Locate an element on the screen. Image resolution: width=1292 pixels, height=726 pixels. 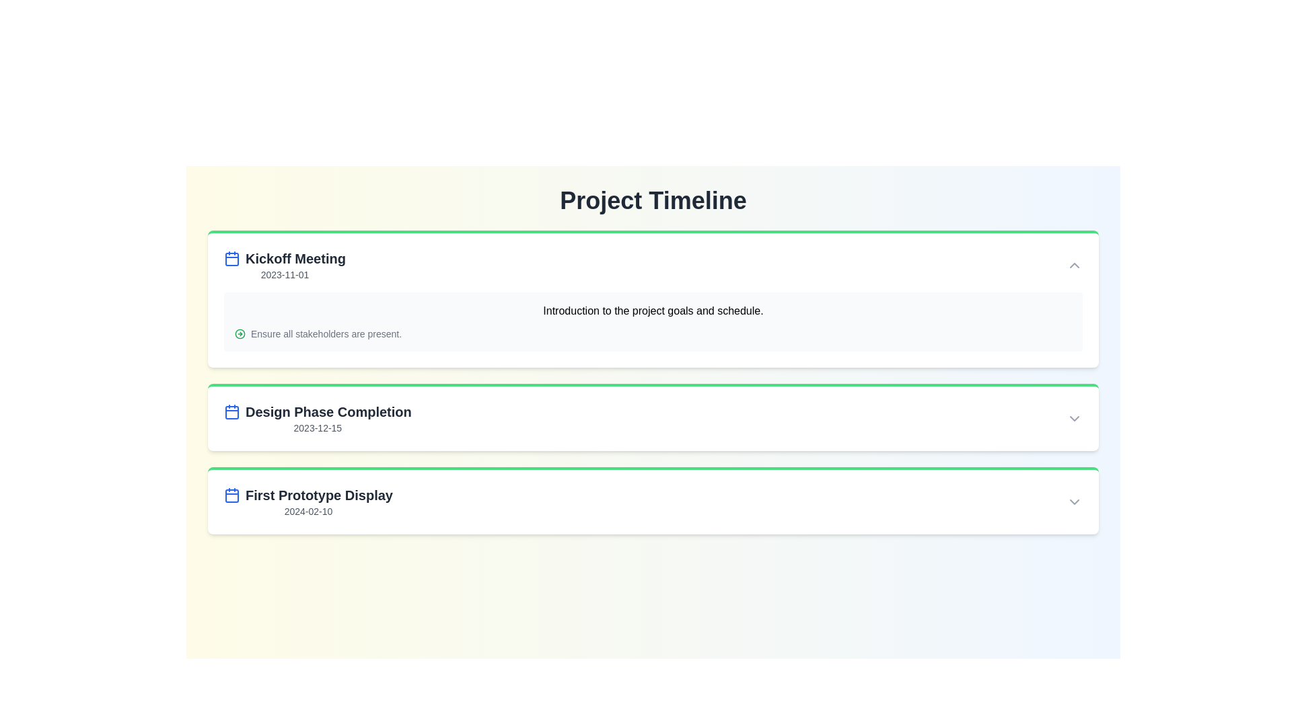
the header element displaying 'First Prototype Display' with an associated blue calendar icon, located in the third section of the timeline entries is located at coordinates (308, 495).